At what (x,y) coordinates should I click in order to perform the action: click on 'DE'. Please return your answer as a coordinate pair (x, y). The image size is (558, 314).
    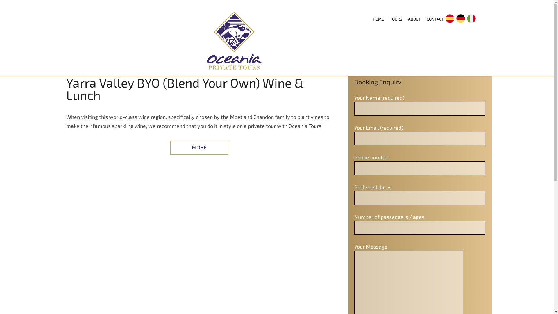
    Looking at the image, I should click on (460, 24).